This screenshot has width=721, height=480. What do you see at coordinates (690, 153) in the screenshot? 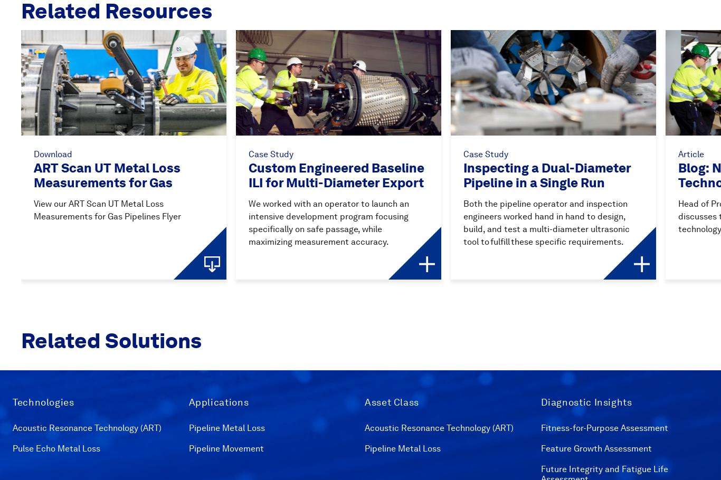
I see `'Article'` at bounding box center [690, 153].